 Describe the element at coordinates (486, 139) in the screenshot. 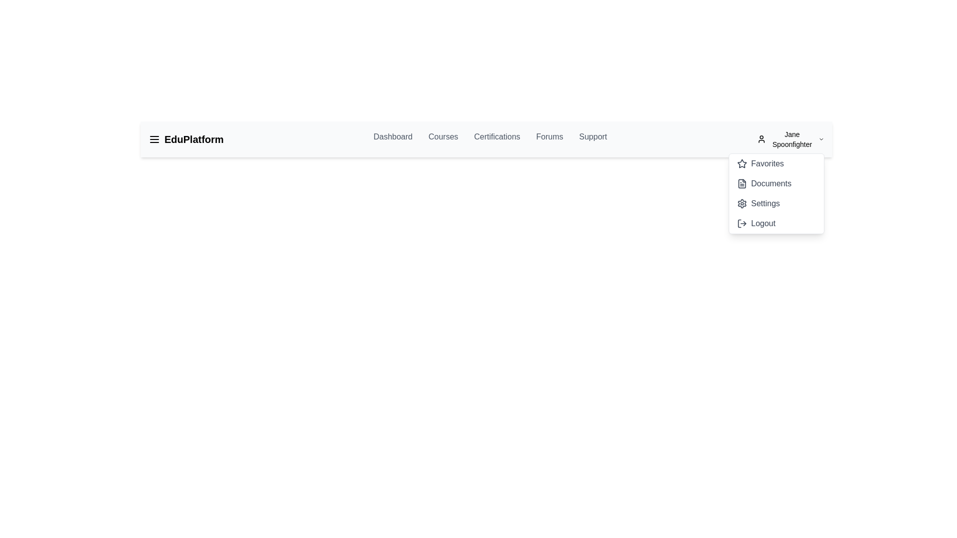

I see `the third item in the horizontal navigation bar, which is labeled 'Certifications'` at that location.